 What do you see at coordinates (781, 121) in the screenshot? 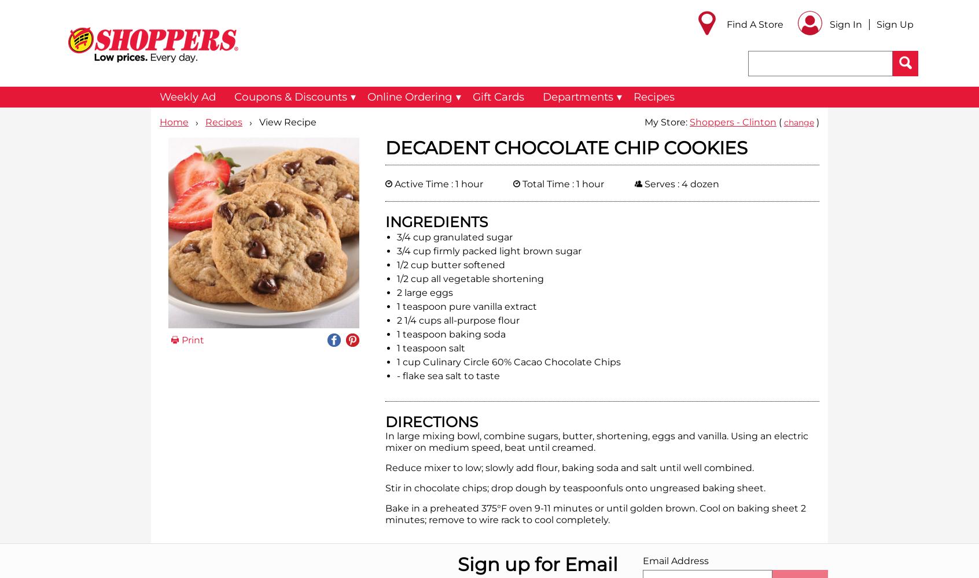
I see `'('` at bounding box center [781, 121].